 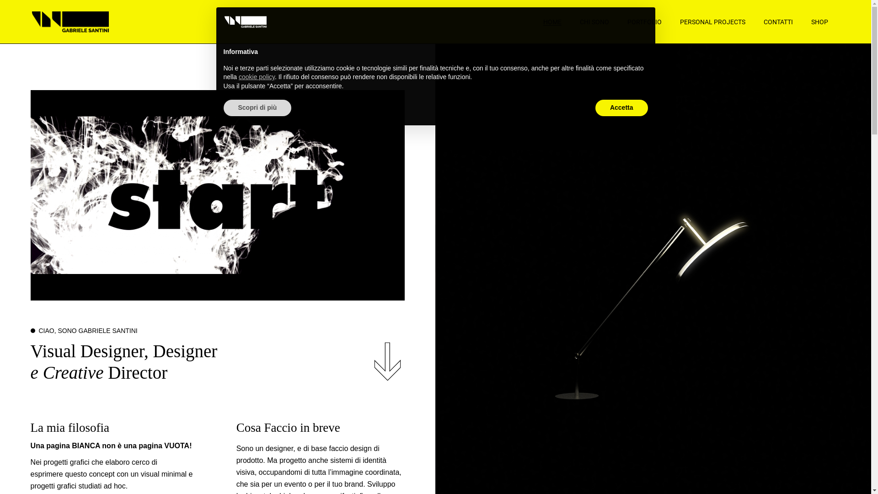 What do you see at coordinates (644, 21) in the screenshot?
I see `'PORTFOLIO'` at bounding box center [644, 21].